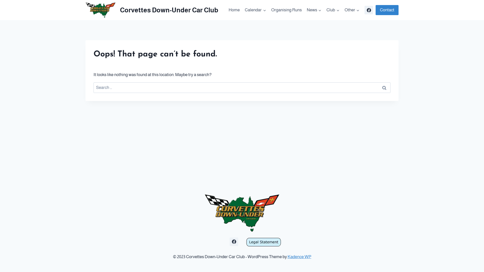 This screenshot has width=484, height=272. What do you see at coordinates (387, 10) in the screenshot?
I see `'Contact'` at bounding box center [387, 10].